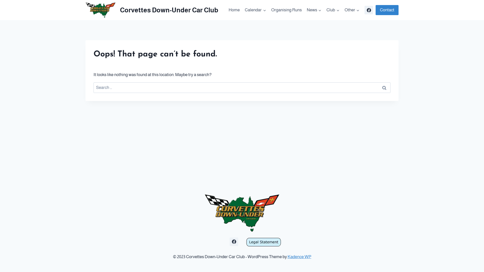 This screenshot has width=484, height=272. What do you see at coordinates (387, 10) in the screenshot?
I see `'Contact'` at bounding box center [387, 10].